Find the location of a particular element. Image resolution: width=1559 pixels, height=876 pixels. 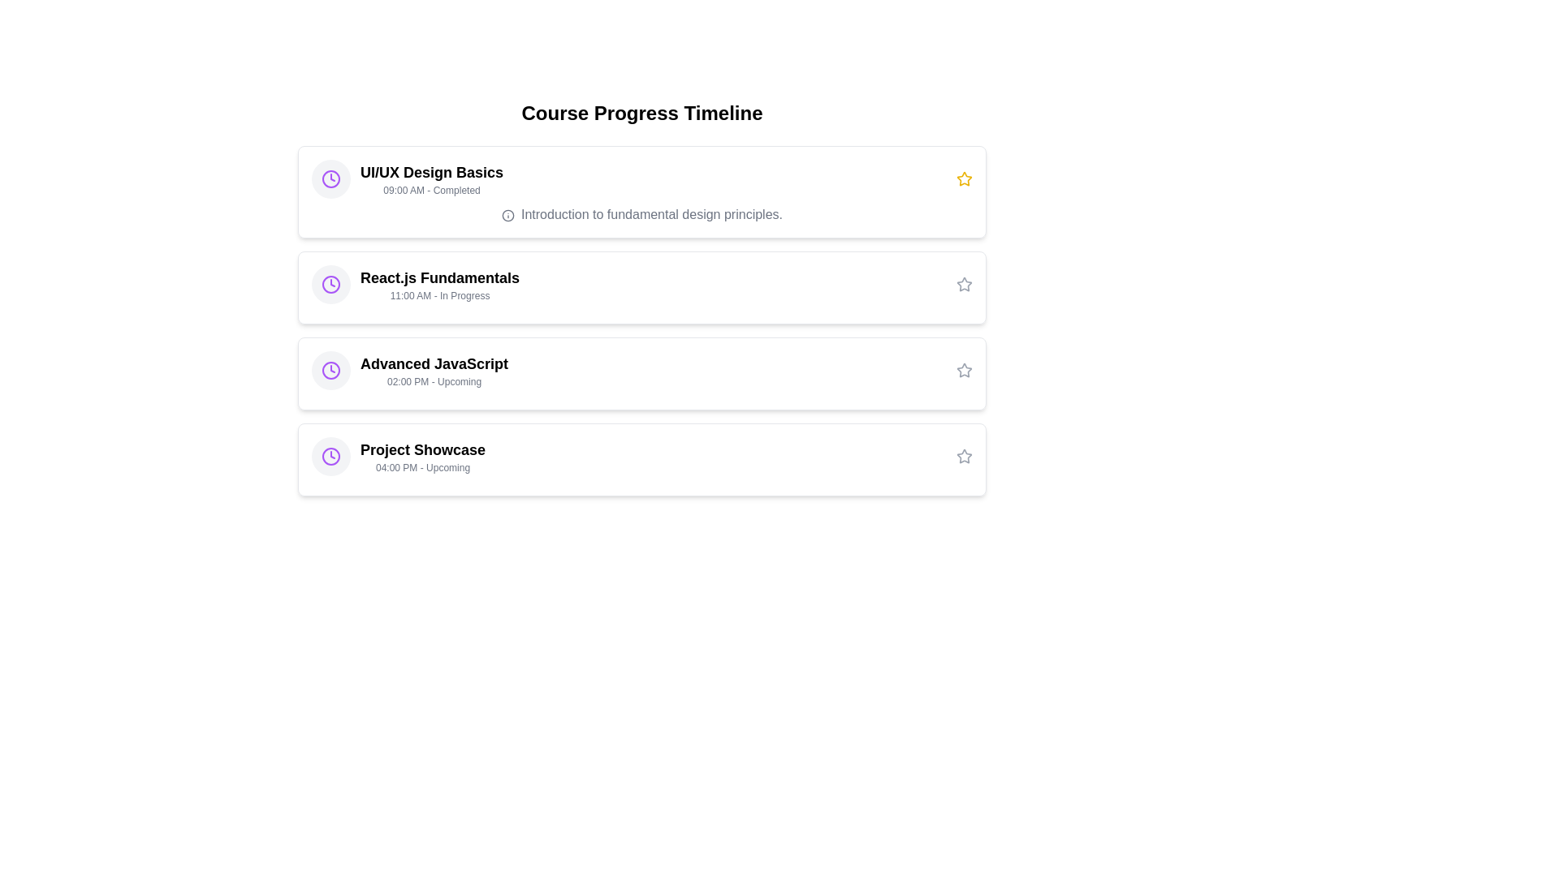

the decorative circular shape within the clock icon associated with the 'React.js Fundamentals' course item is located at coordinates (330, 370).